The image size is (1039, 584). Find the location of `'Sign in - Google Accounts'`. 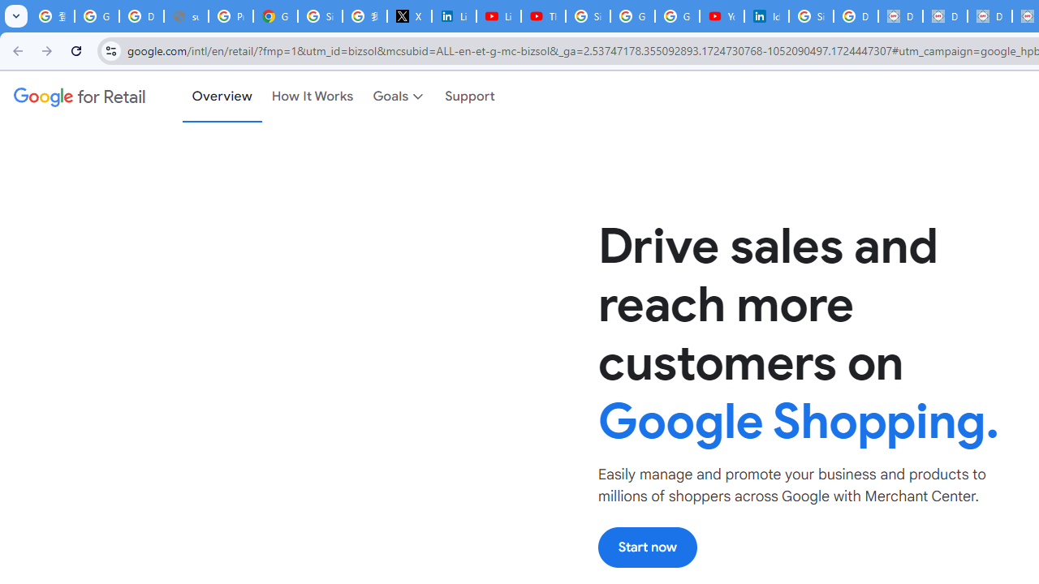

'Sign in - Google Accounts' is located at coordinates (811, 16).